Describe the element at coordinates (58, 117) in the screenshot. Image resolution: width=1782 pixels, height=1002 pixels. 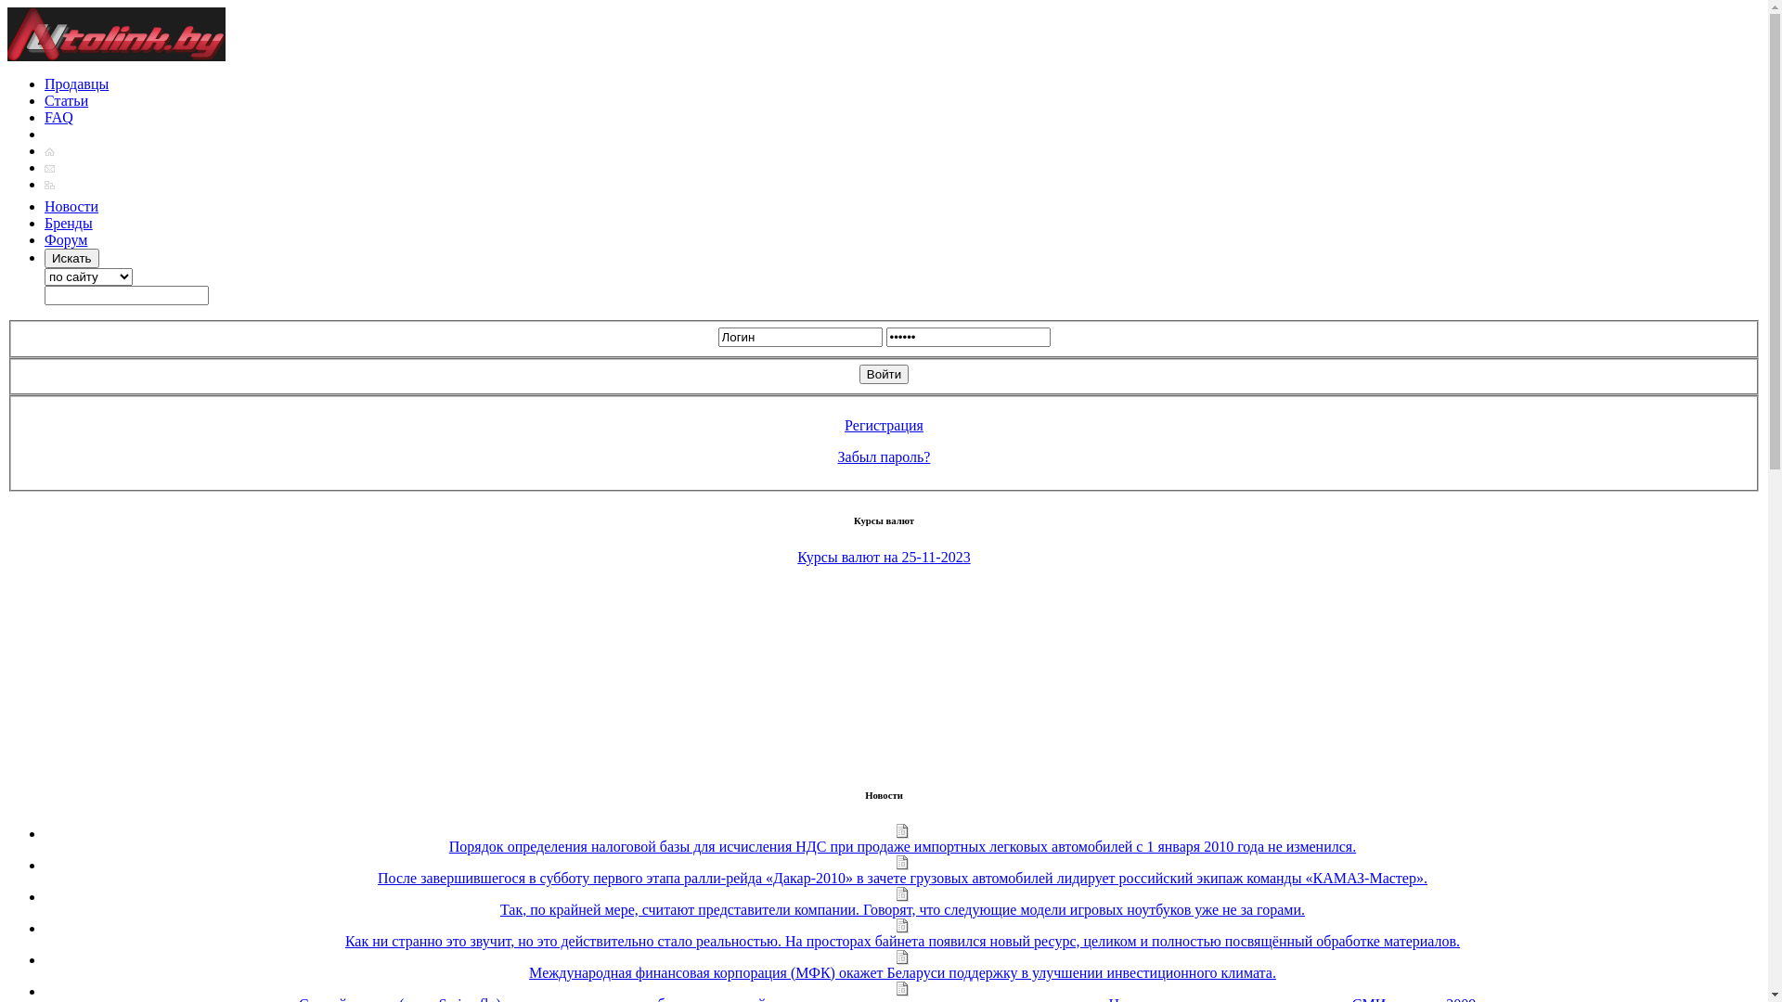
I see `'FAQ'` at that location.